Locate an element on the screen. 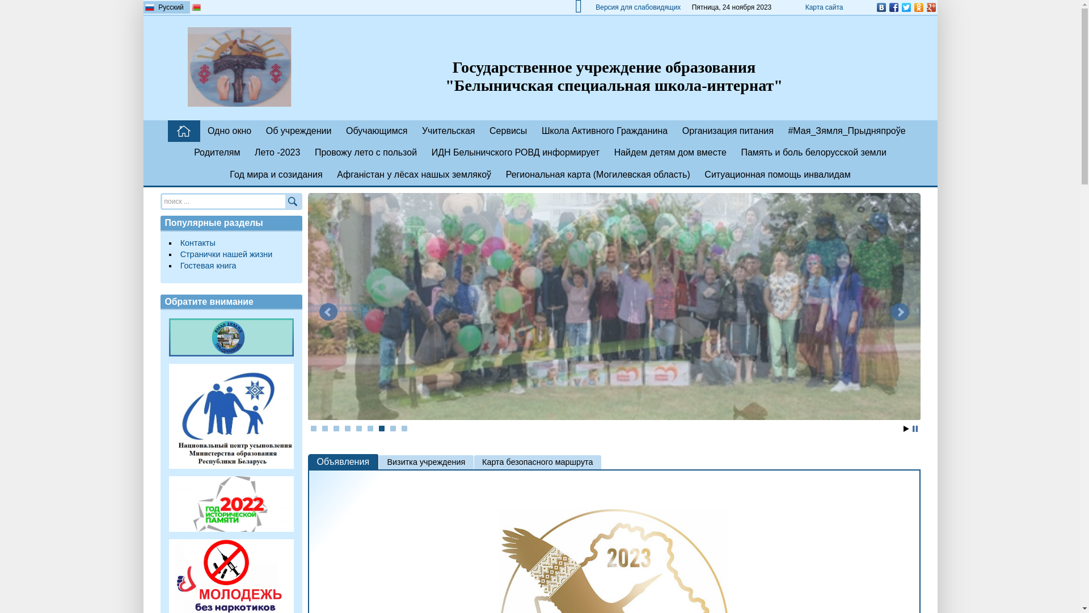 The width and height of the screenshot is (1089, 613). 'Twitter' is located at coordinates (905, 7).